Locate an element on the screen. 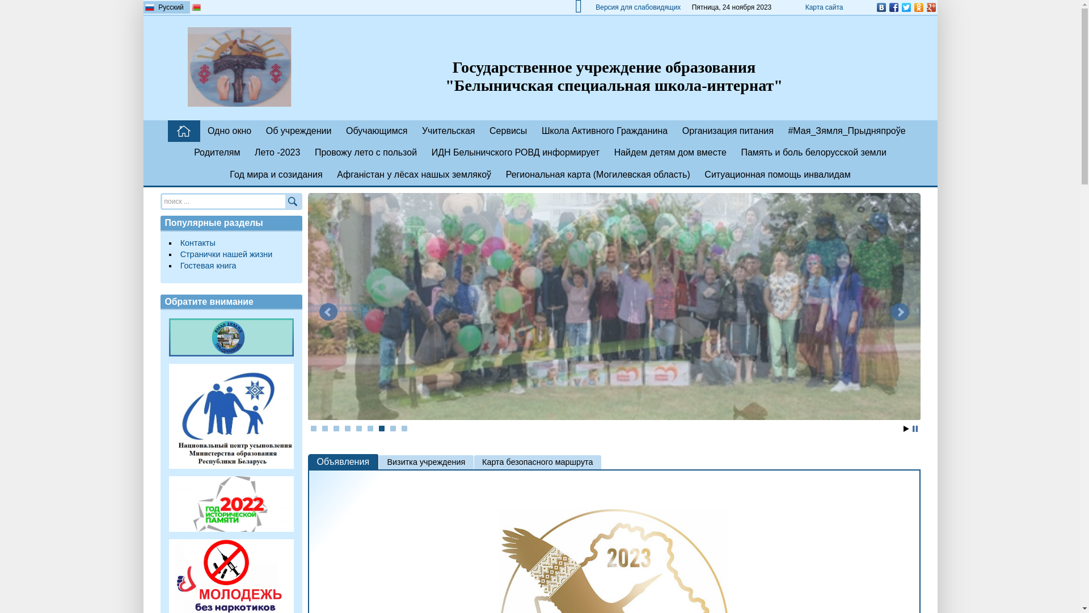 The width and height of the screenshot is (1089, 613). 'Twitter' is located at coordinates (905, 7).